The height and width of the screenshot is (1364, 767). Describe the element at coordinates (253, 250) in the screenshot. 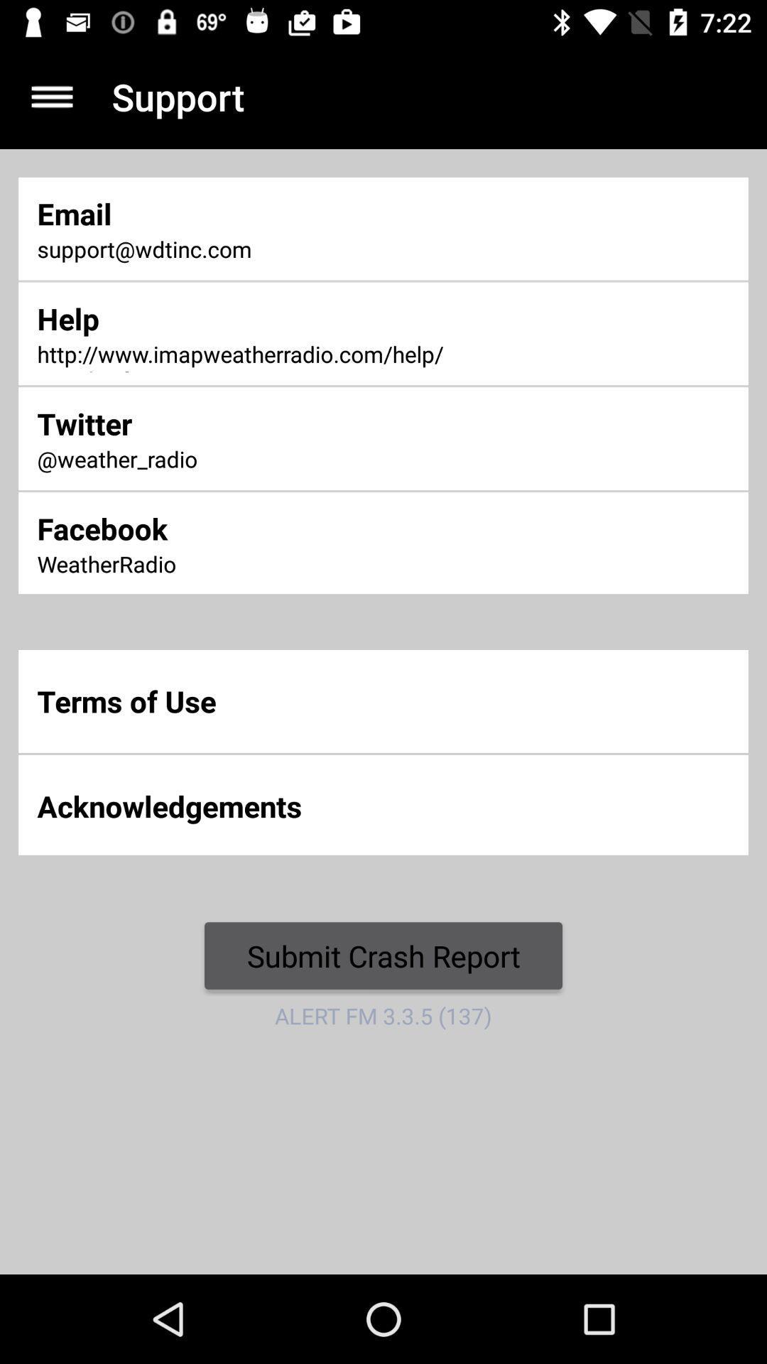

I see `item above the help icon` at that location.